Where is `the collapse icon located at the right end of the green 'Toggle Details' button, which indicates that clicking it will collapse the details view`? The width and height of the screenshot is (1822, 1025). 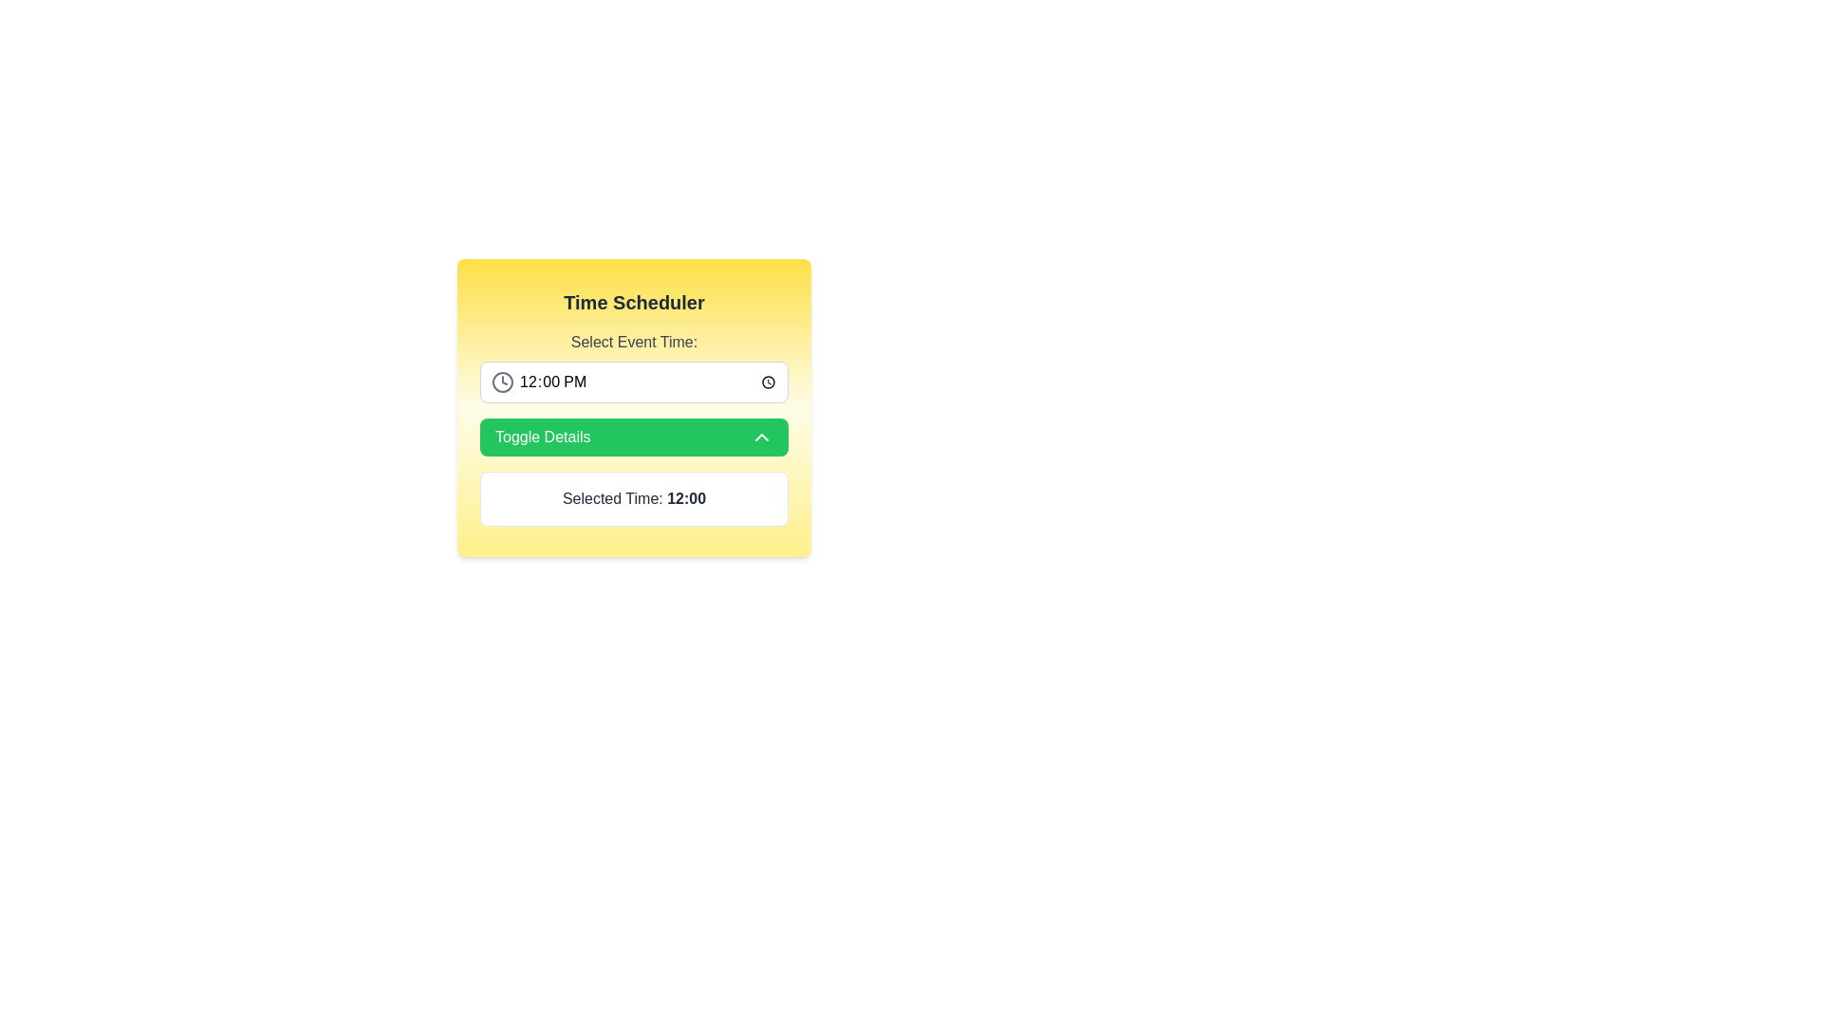
the collapse icon located at the right end of the green 'Toggle Details' button, which indicates that clicking it will collapse the details view is located at coordinates (761, 438).